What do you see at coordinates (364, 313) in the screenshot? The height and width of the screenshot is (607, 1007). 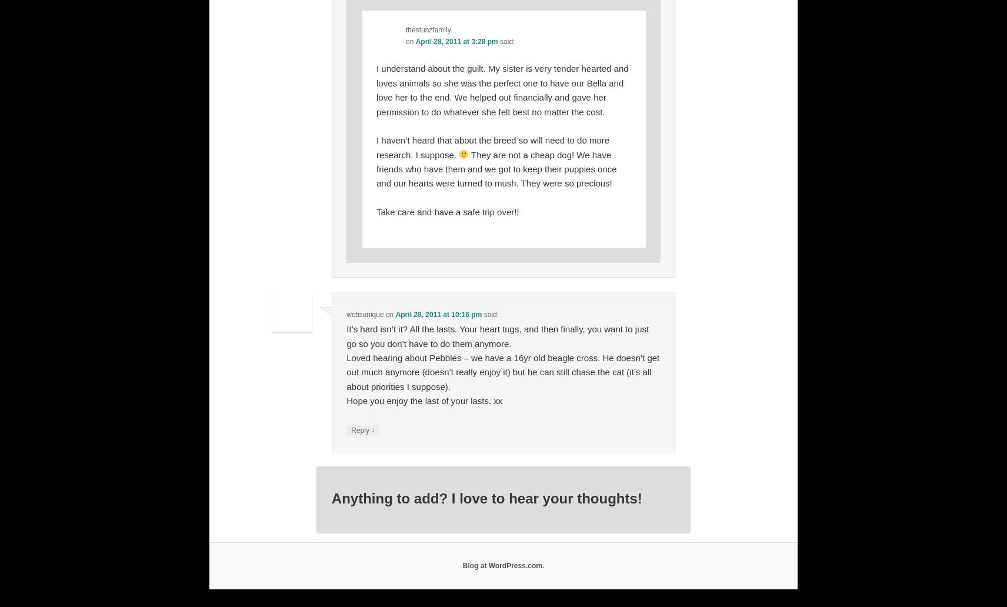 I see `'wotisunique'` at bounding box center [364, 313].